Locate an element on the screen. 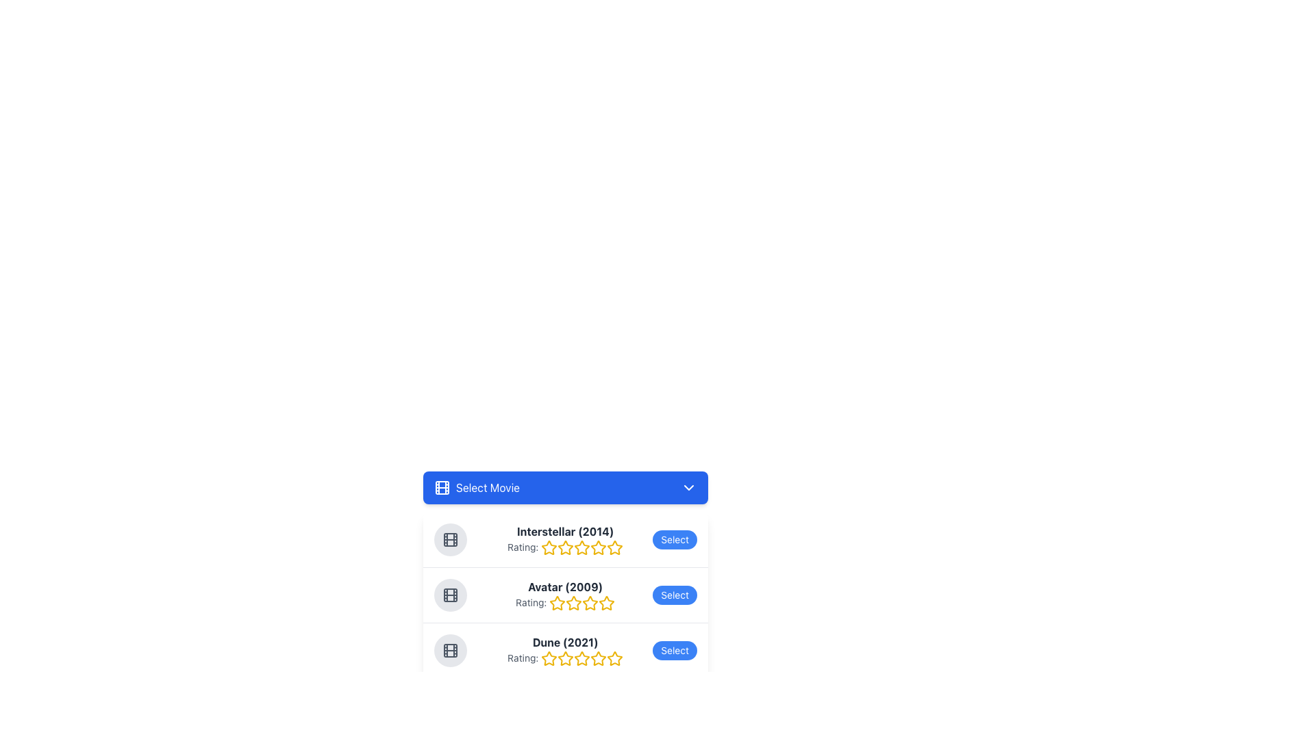 The height and width of the screenshot is (739, 1315). the fourth star in the rating group for the movie 'Interstellar (2014)' is located at coordinates (599, 547).